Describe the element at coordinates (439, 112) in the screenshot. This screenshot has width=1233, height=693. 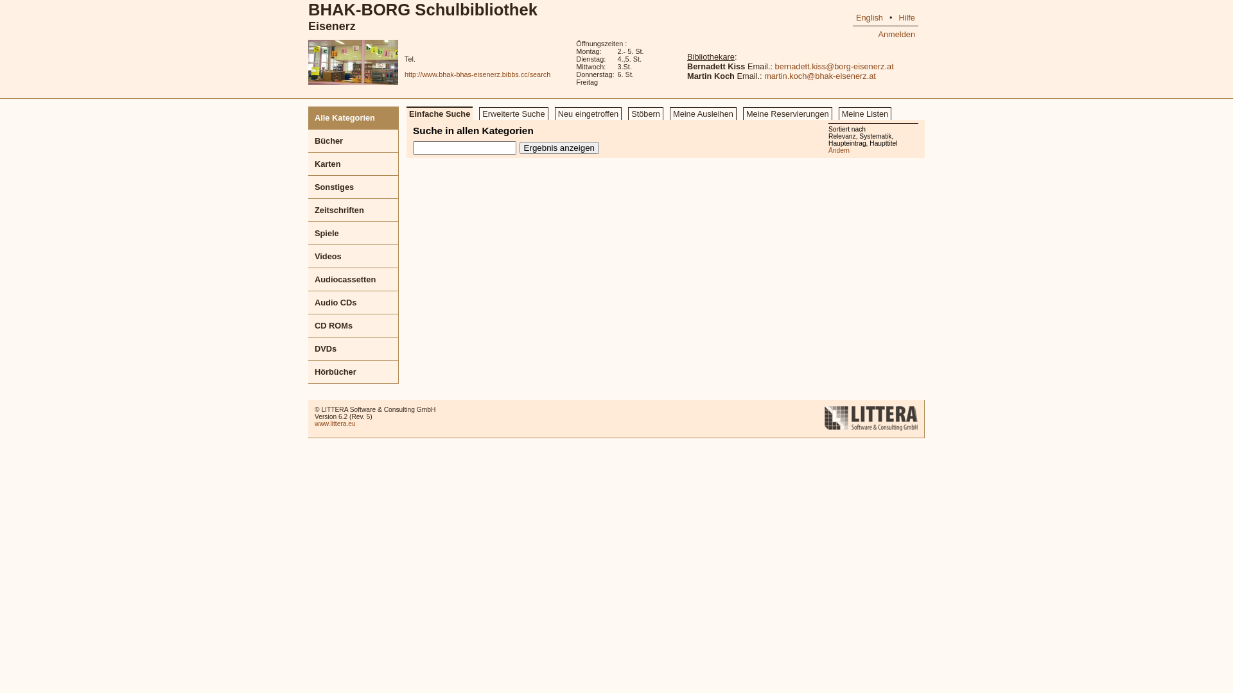
I see `'Einfache Suche'` at that location.